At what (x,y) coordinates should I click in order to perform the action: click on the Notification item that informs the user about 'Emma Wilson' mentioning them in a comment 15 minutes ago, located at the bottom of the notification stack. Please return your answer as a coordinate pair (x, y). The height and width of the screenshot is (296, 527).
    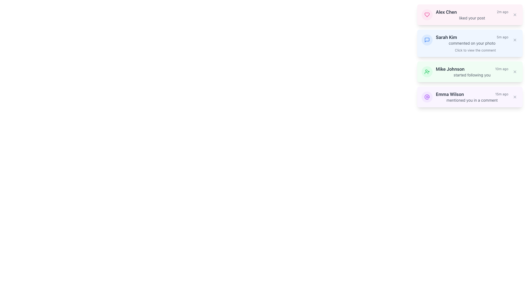
    Looking at the image, I should click on (472, 97).